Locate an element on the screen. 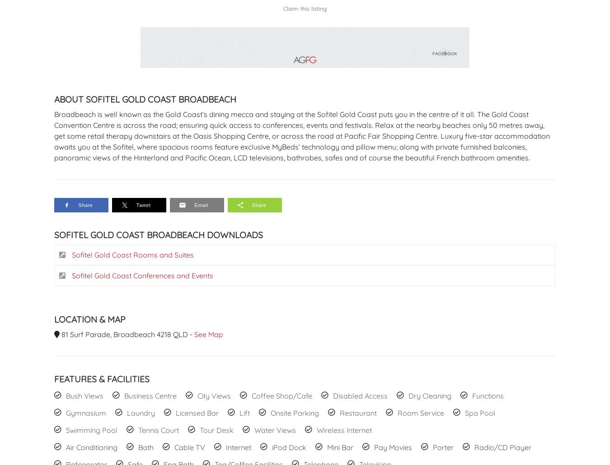 Image resolution: width=610 pixels, height=465 pixels. 'Tweet' is located at coordinates (142, 204).